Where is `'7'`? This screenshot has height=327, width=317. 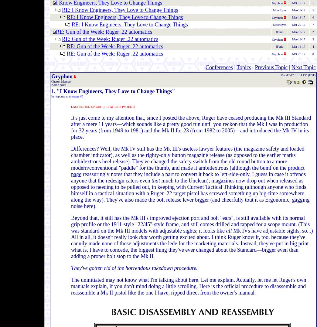 '7' is located at coordinates (313, 25).